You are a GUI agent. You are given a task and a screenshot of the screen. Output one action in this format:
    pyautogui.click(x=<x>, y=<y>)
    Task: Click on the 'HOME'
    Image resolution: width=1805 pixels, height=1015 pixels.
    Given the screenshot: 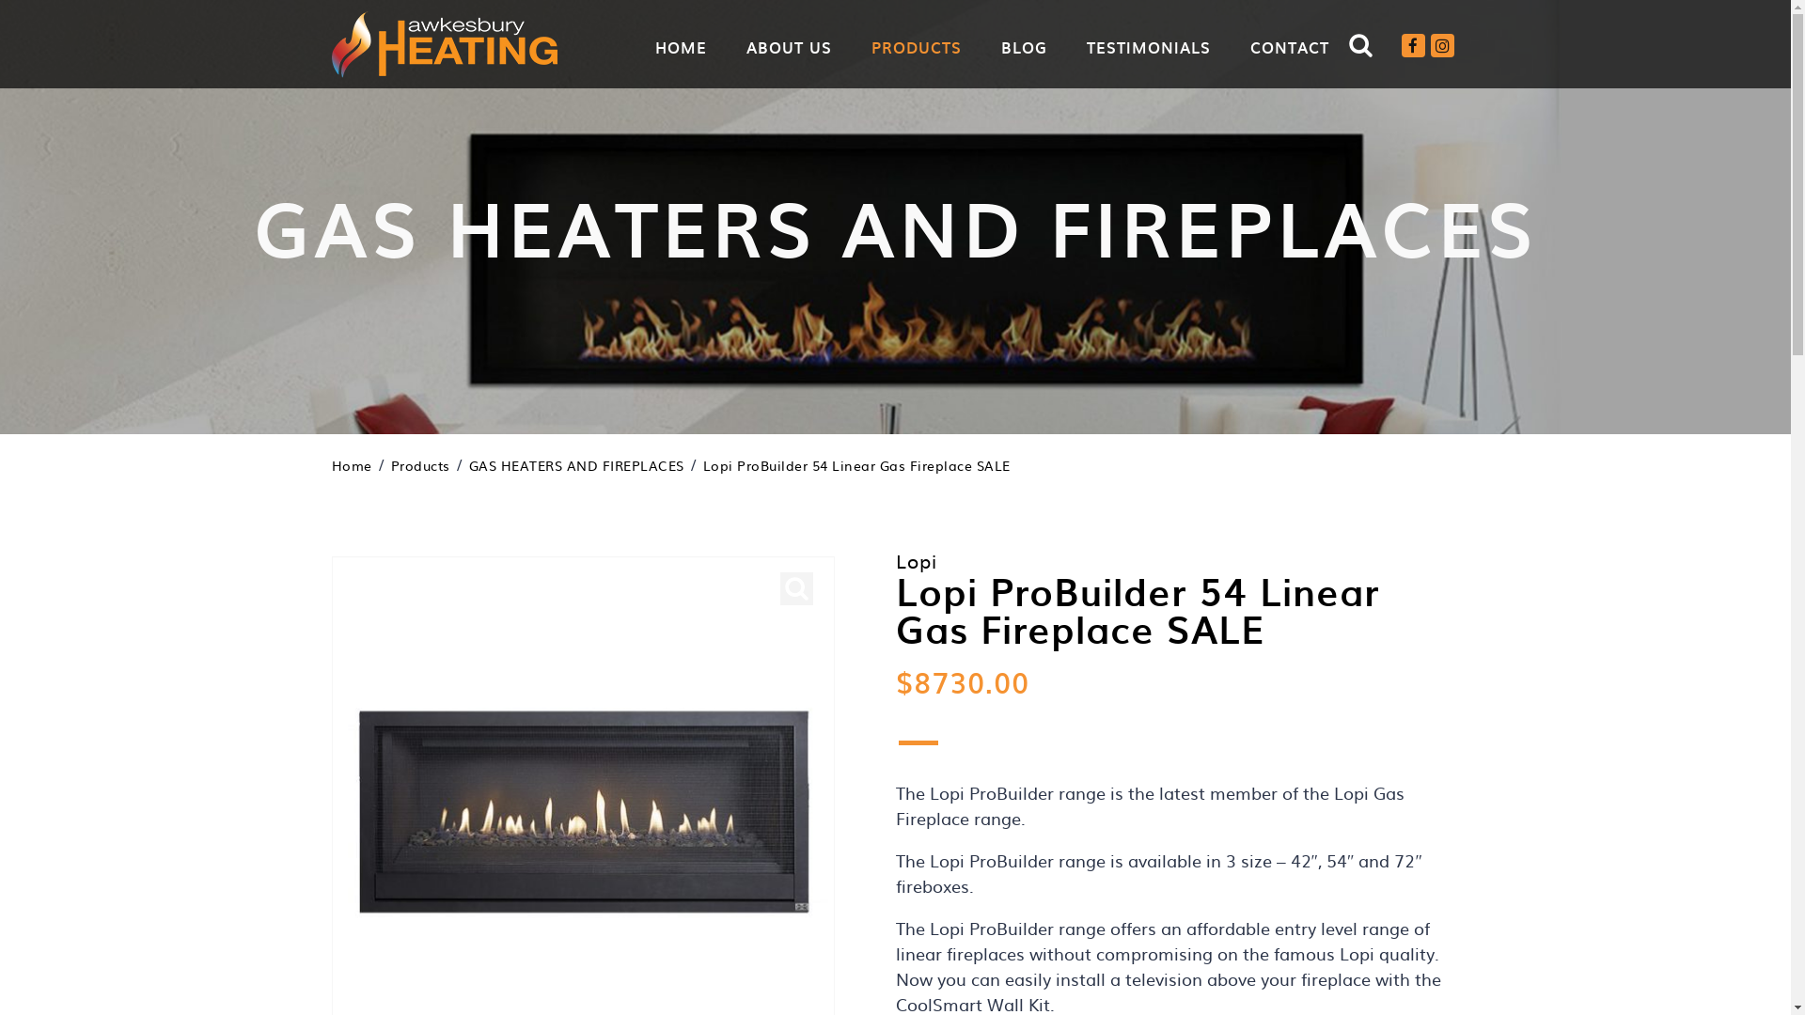 What is the action you would take?
    pyautogui.click(x=654, y=46)
    